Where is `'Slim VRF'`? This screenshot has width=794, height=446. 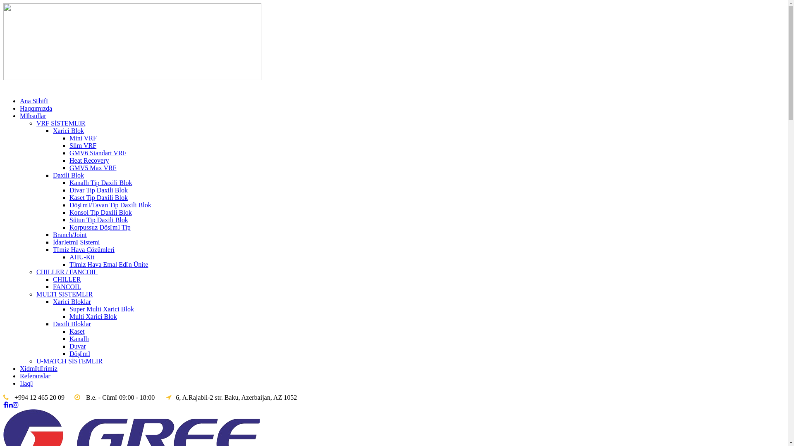 'Slim VRF' is located at coordinates (83, 145).